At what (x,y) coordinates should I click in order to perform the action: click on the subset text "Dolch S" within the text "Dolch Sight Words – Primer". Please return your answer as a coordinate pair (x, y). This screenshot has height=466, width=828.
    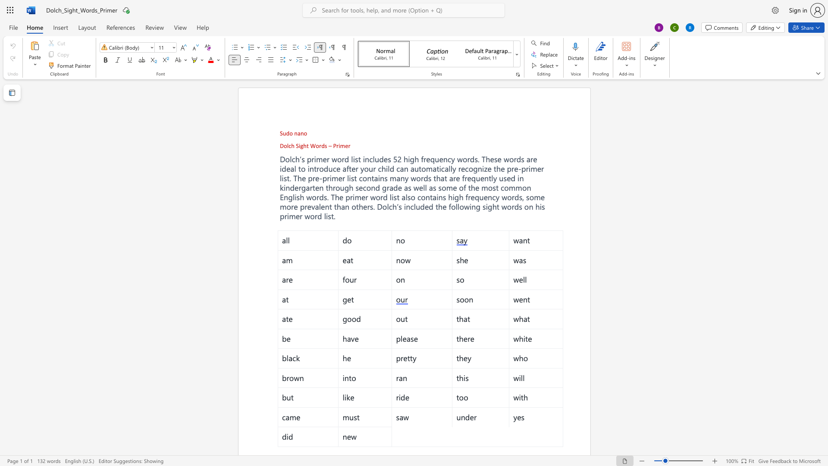
    Looking at the image, I should click on (279, 145).